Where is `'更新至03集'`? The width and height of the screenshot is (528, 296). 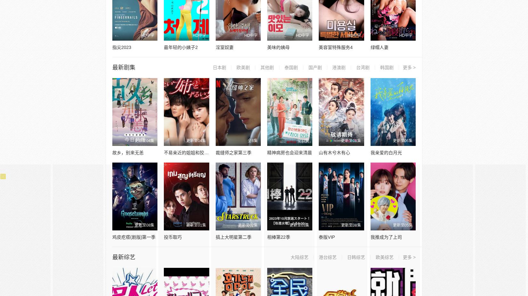 '更新至03集' is located at coordinates (299, 225).